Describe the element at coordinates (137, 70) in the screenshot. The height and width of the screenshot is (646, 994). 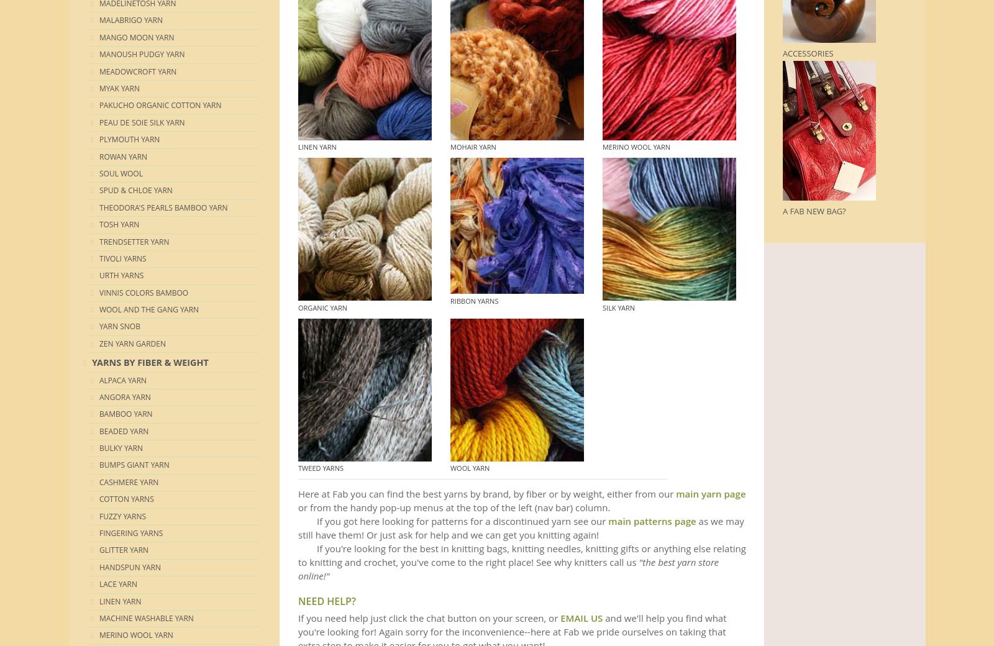
I see `'Meadowcroft Yarn'` at that location.